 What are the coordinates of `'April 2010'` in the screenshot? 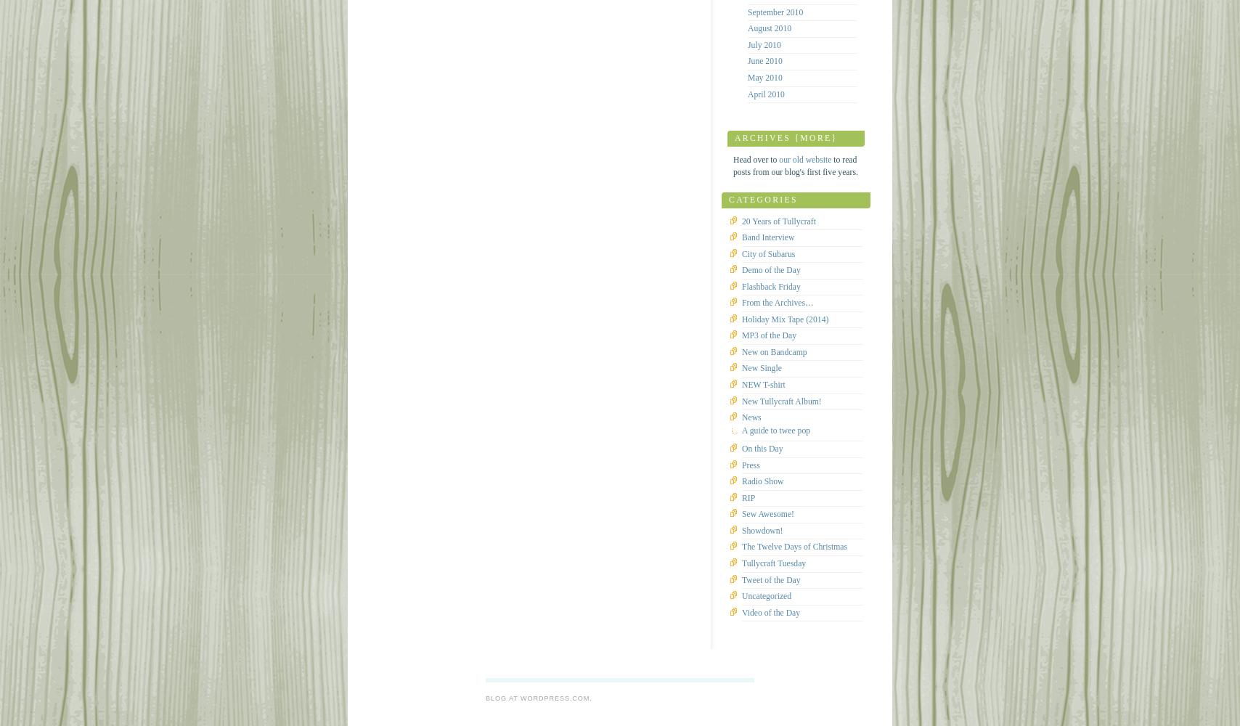 It's located at (766, 94).